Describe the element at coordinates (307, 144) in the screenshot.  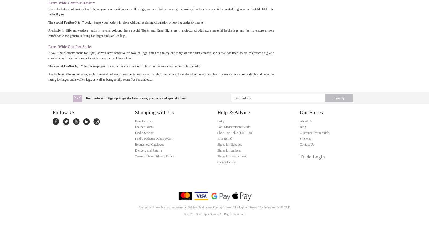
I see `'Contact Us'` at that location.